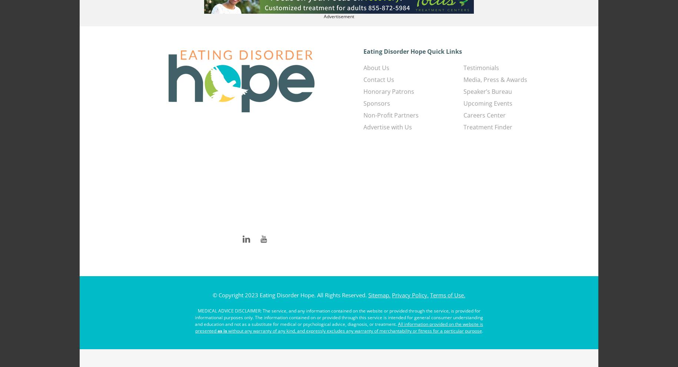  I want to click on 'Advertisement', so click(339, 16).